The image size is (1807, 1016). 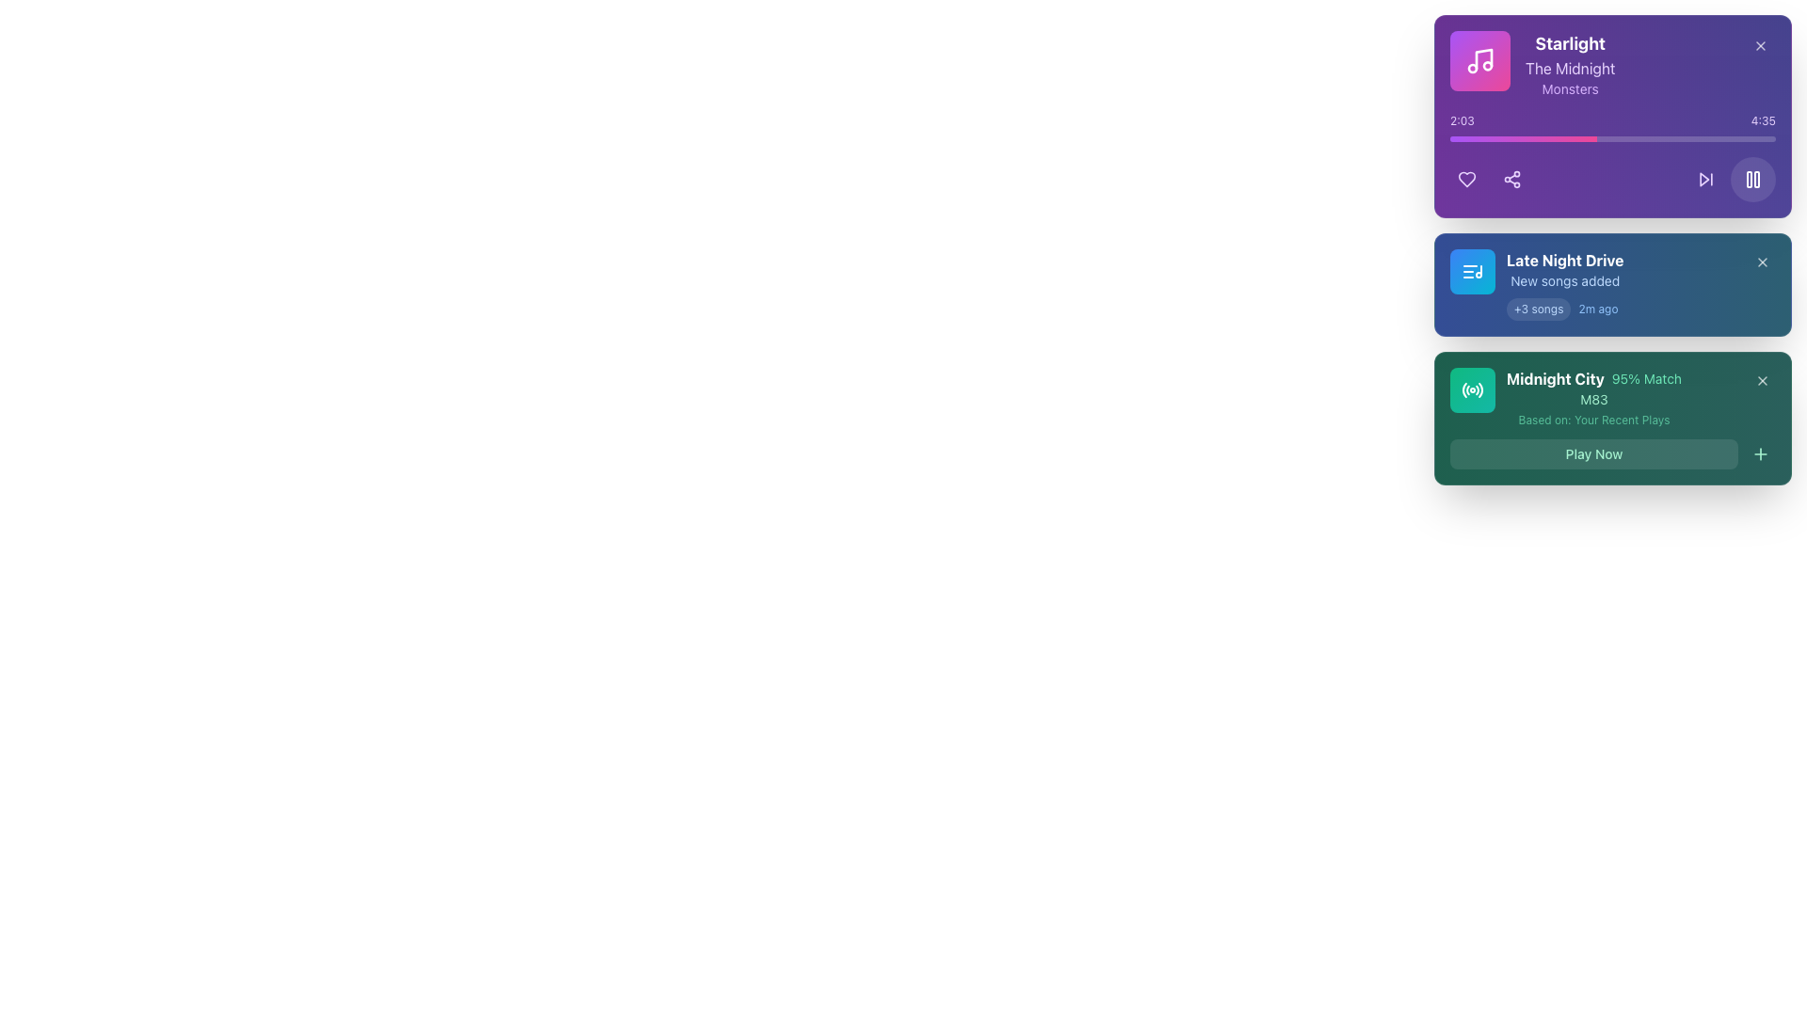 What do you see at coordinates (1523, 137) in the screenshot?
I see `the progress indicator, a horizontal bar with a gradient color transition from purple to pink, located at the top of the interface within a card-like component displaying a playing music track` at bounding box center [1523, 137].